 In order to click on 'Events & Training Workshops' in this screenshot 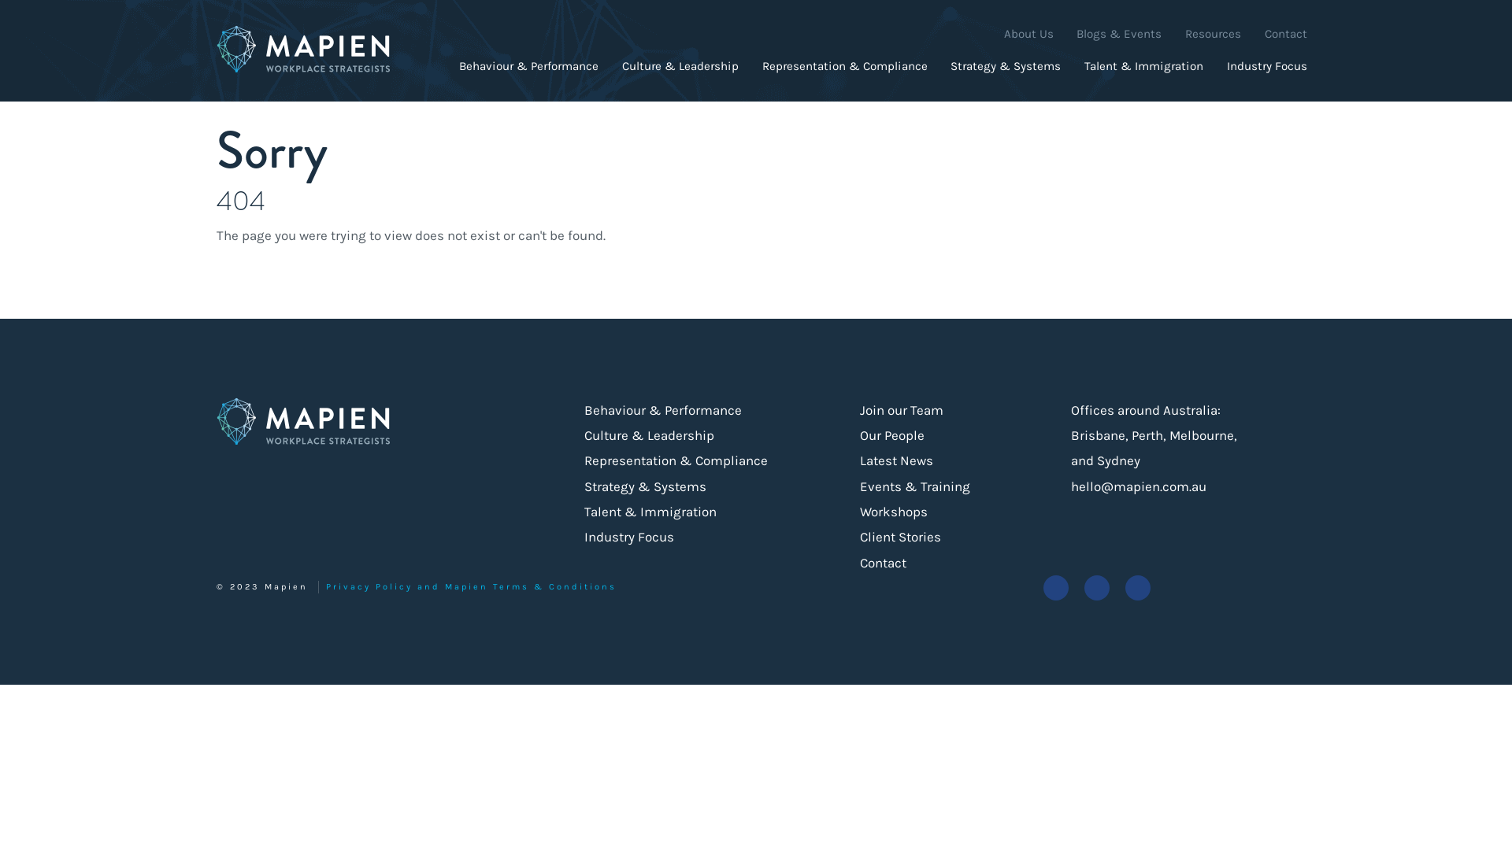, I will do `click(858, 499)`.